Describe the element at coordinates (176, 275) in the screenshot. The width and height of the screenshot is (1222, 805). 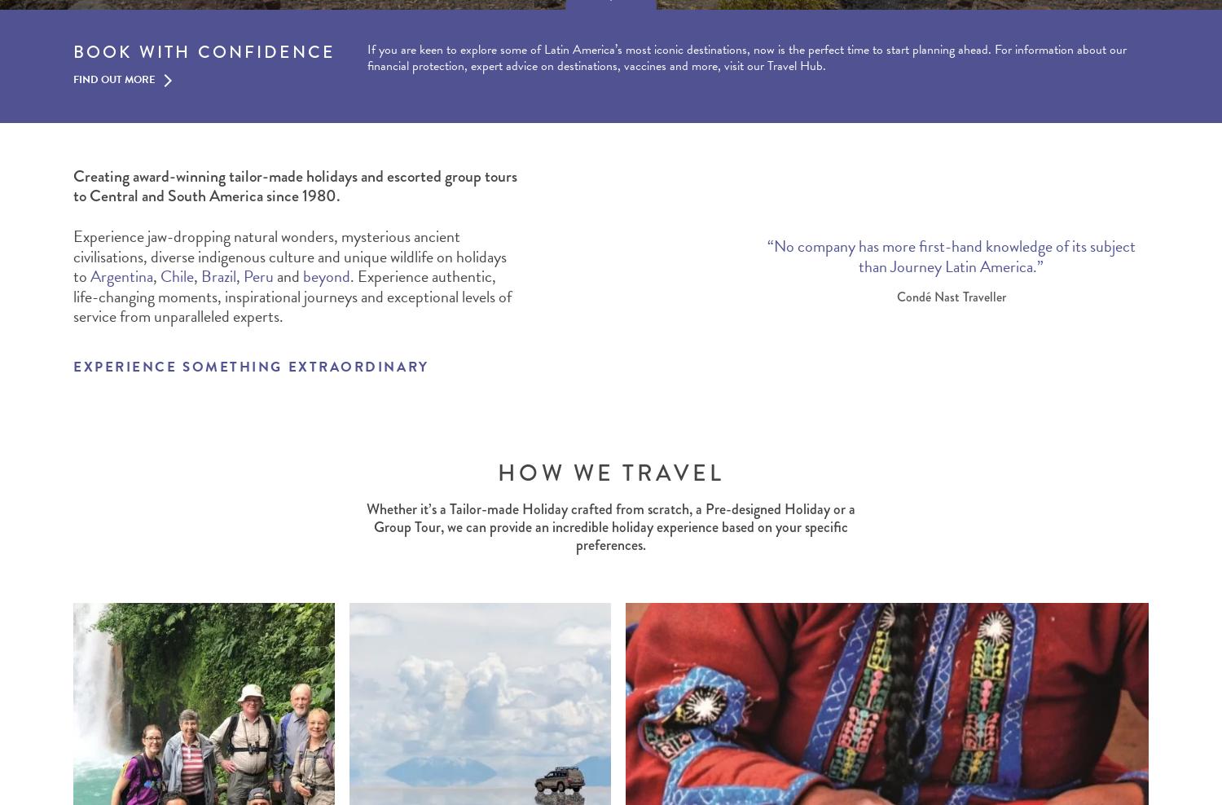
I see `'Chile'` at that location.